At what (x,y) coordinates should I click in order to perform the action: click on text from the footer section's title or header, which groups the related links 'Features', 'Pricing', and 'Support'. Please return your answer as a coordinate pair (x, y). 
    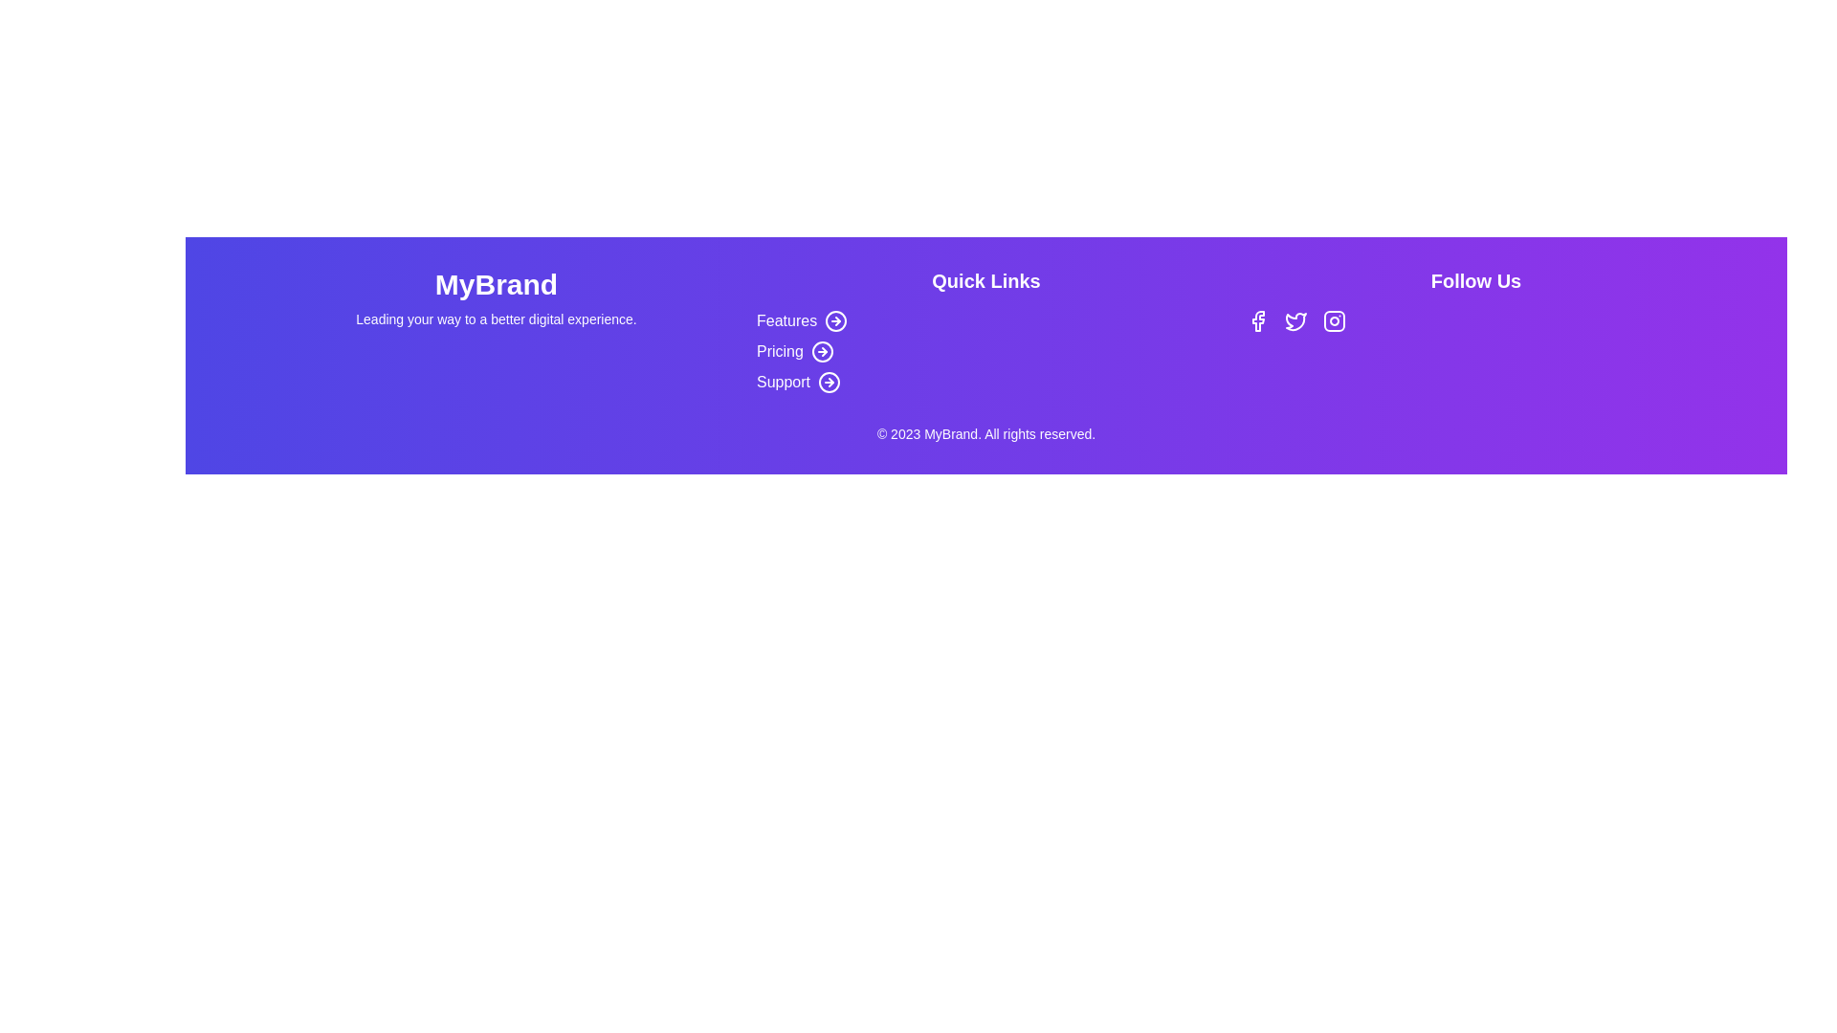
    Looking at the image, I should click on (986, 280).